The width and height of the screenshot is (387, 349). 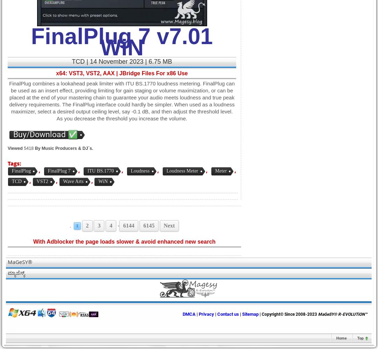 I want to click on 'FinalPlug 7', so click(x=59, y=171).